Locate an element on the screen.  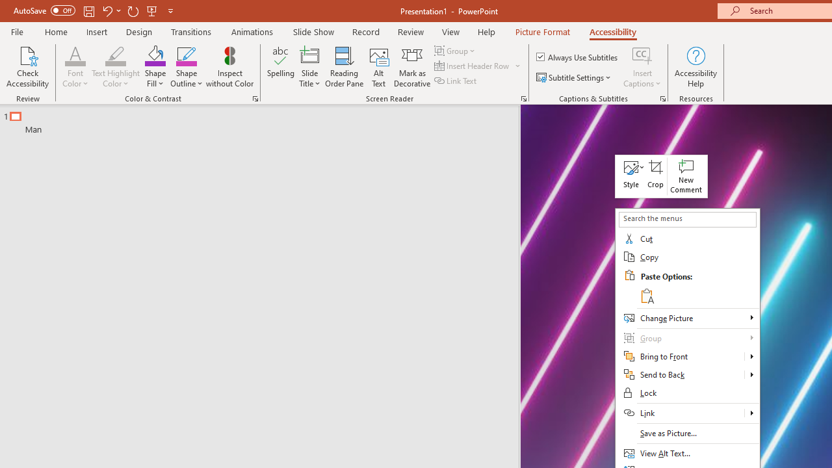
'Paste Options' is located at coordinates (697, 286).